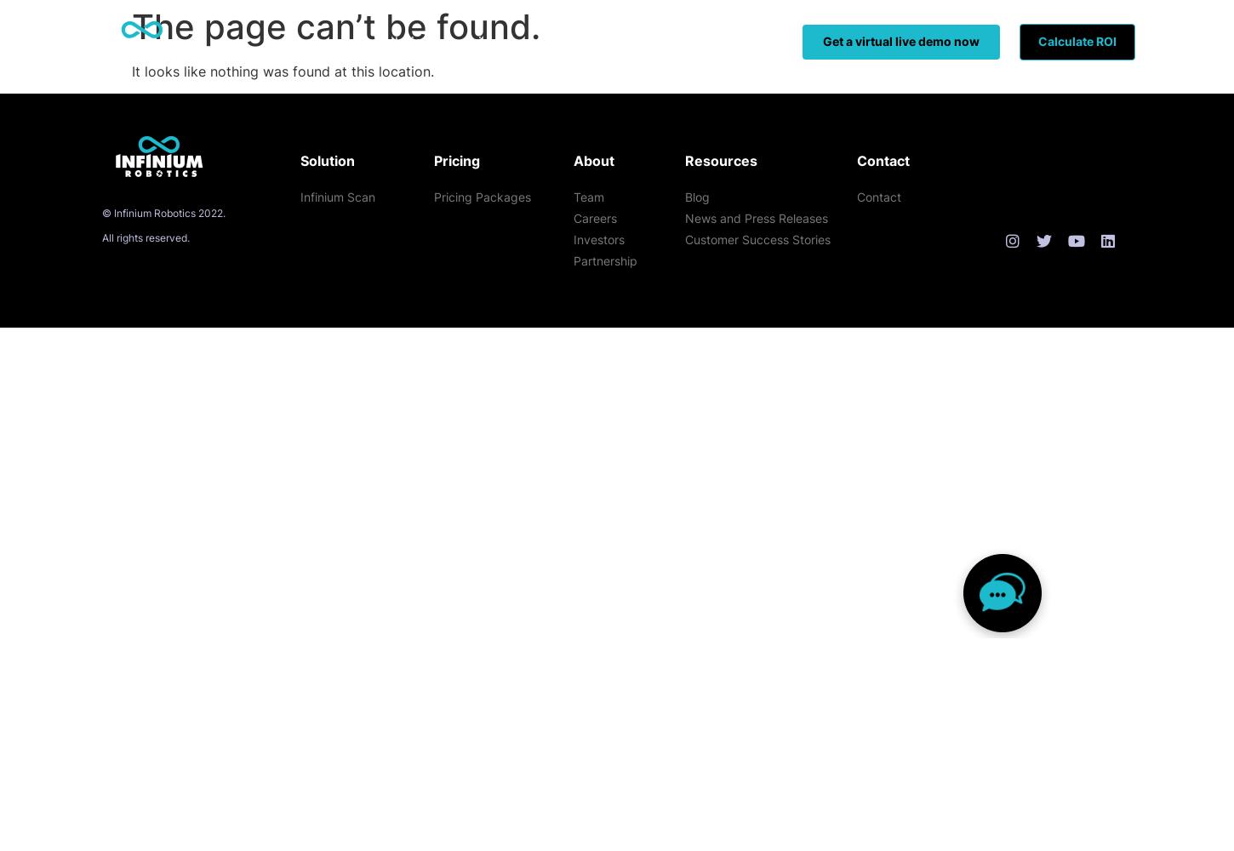 The width and height of the screenshot is (1234, 851). Describe the element at coordinates (163, 213) in the screenshot. I see `'© Infinium Robotics 2022.'` at that location.